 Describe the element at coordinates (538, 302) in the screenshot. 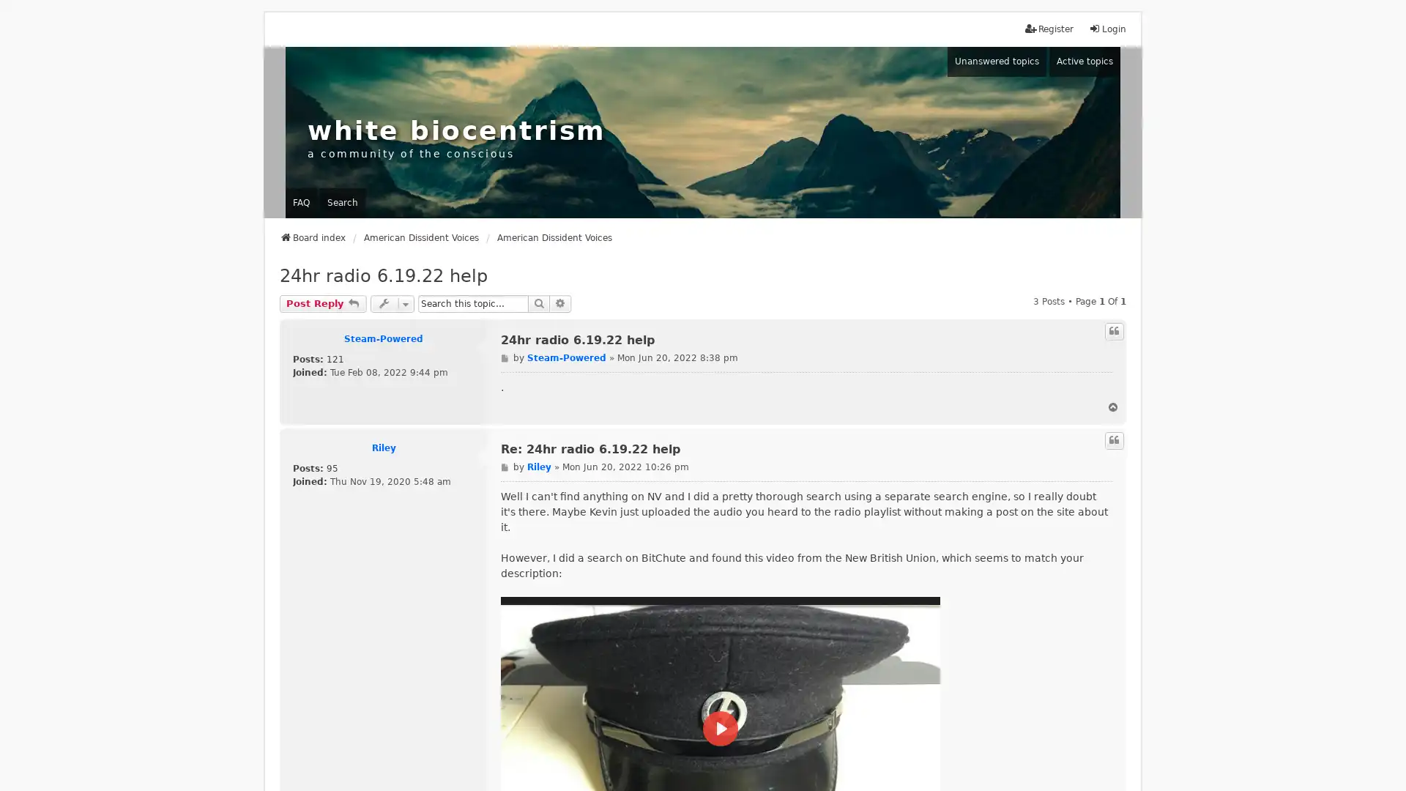

I see `Search` at that location.